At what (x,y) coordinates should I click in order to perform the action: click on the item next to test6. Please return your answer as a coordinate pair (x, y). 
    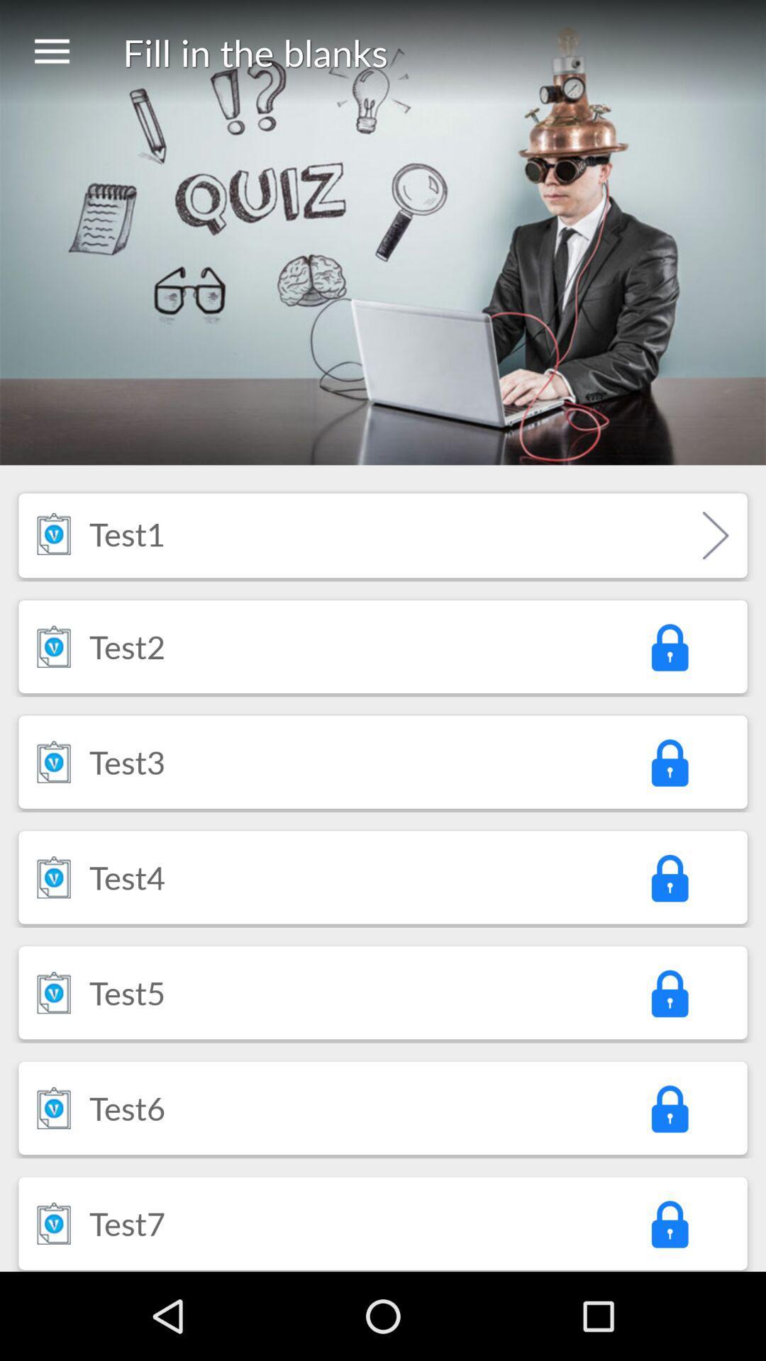
    Looking at the image, I should click on (669, 1107).